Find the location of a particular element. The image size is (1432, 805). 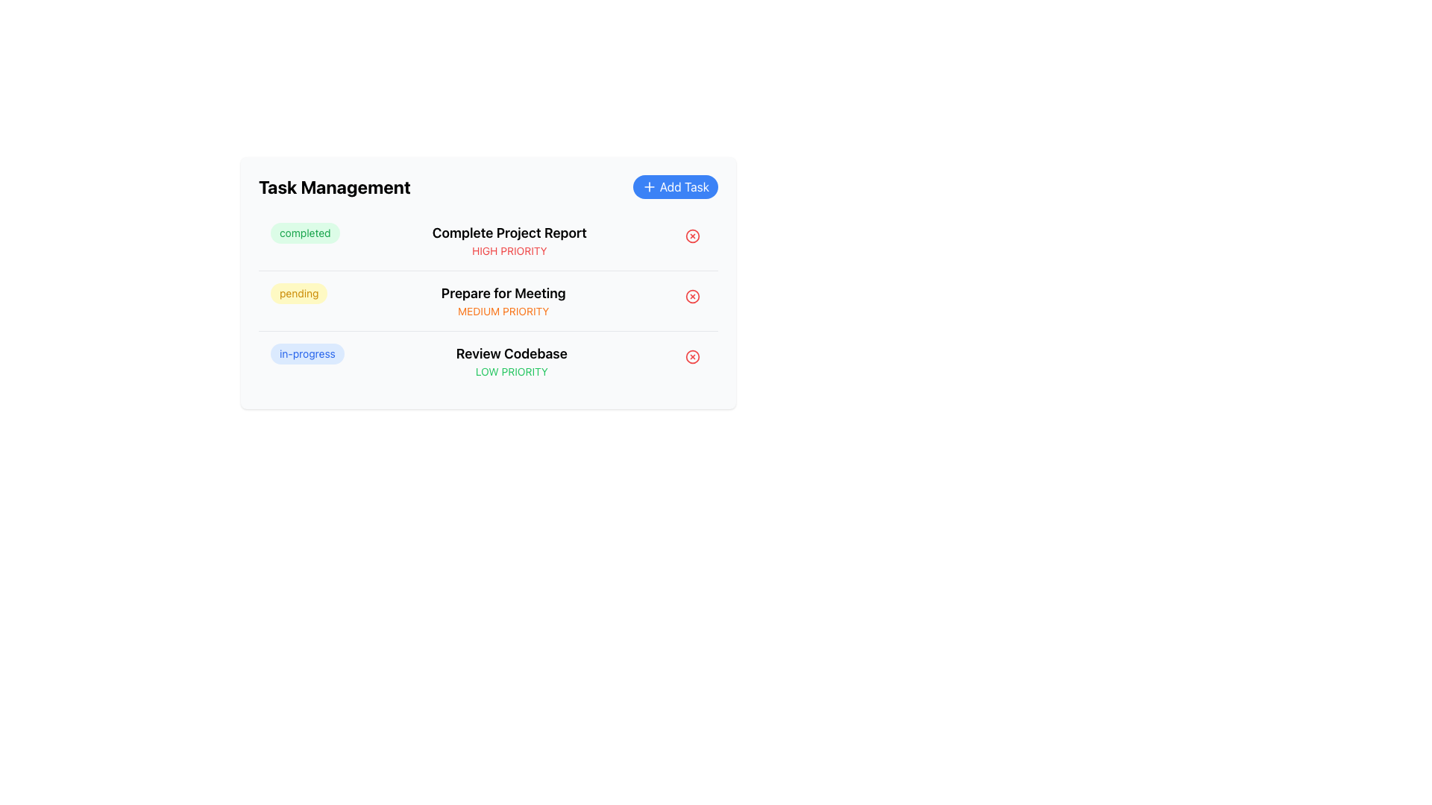

the text label 'MEDIUM PRIORITY' which is styled in bright orange and positioned directly below the task title 'Prepare for Meeting' in the task management UI is located at coordinates (503, 310).